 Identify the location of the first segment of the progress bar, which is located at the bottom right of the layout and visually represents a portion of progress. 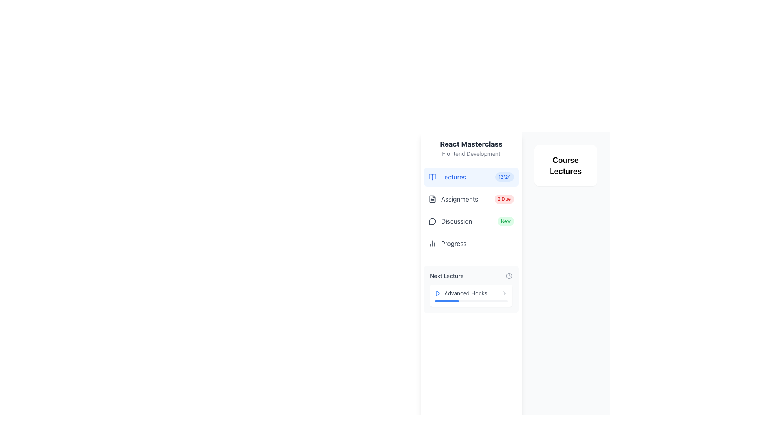
(447, 301).